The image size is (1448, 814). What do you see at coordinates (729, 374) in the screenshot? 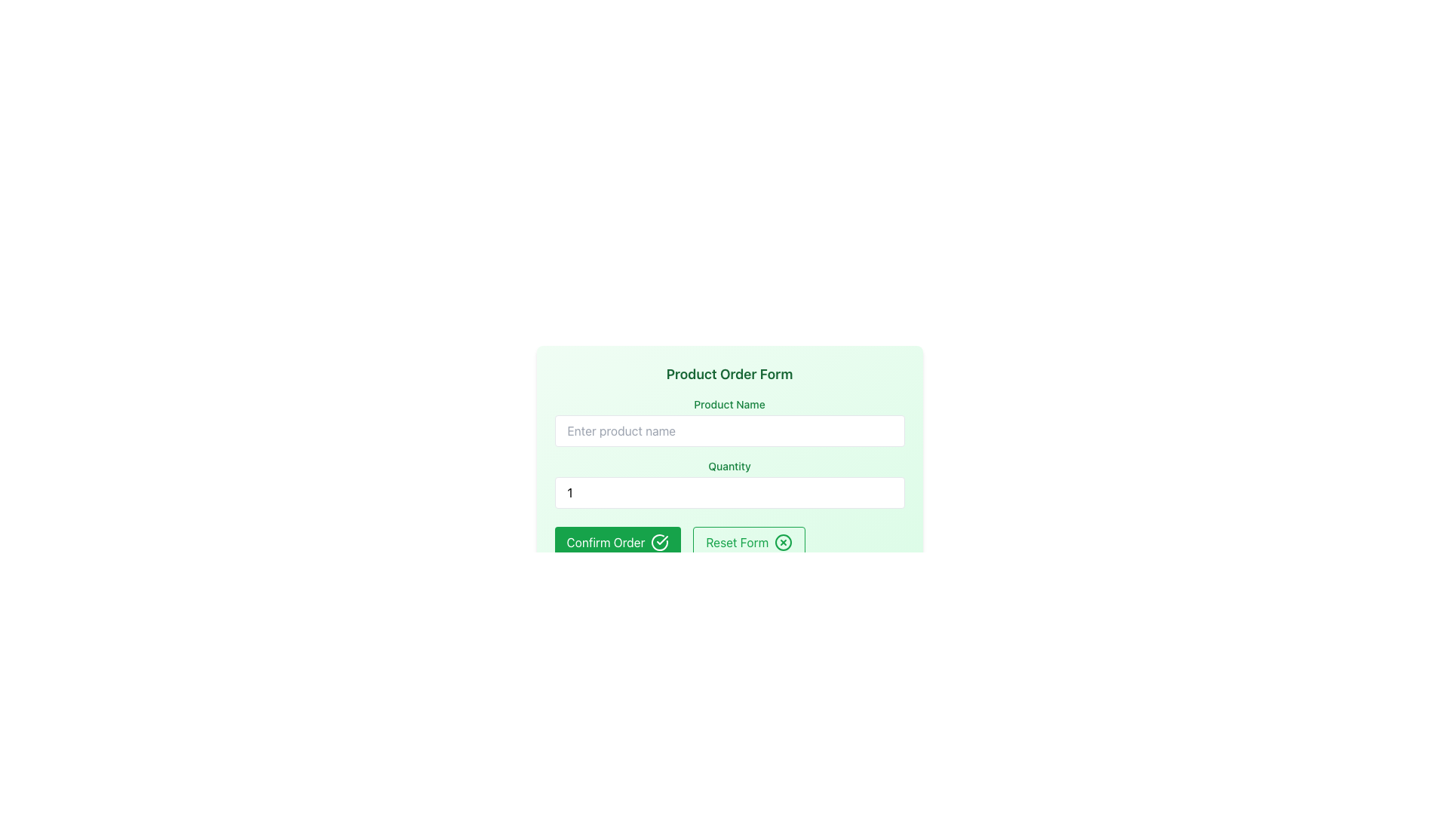
I see `the 'Product Order Form' text label, which is styled in bold green font and located at the top of the light green gradient card` at bounding box center [729, 374].